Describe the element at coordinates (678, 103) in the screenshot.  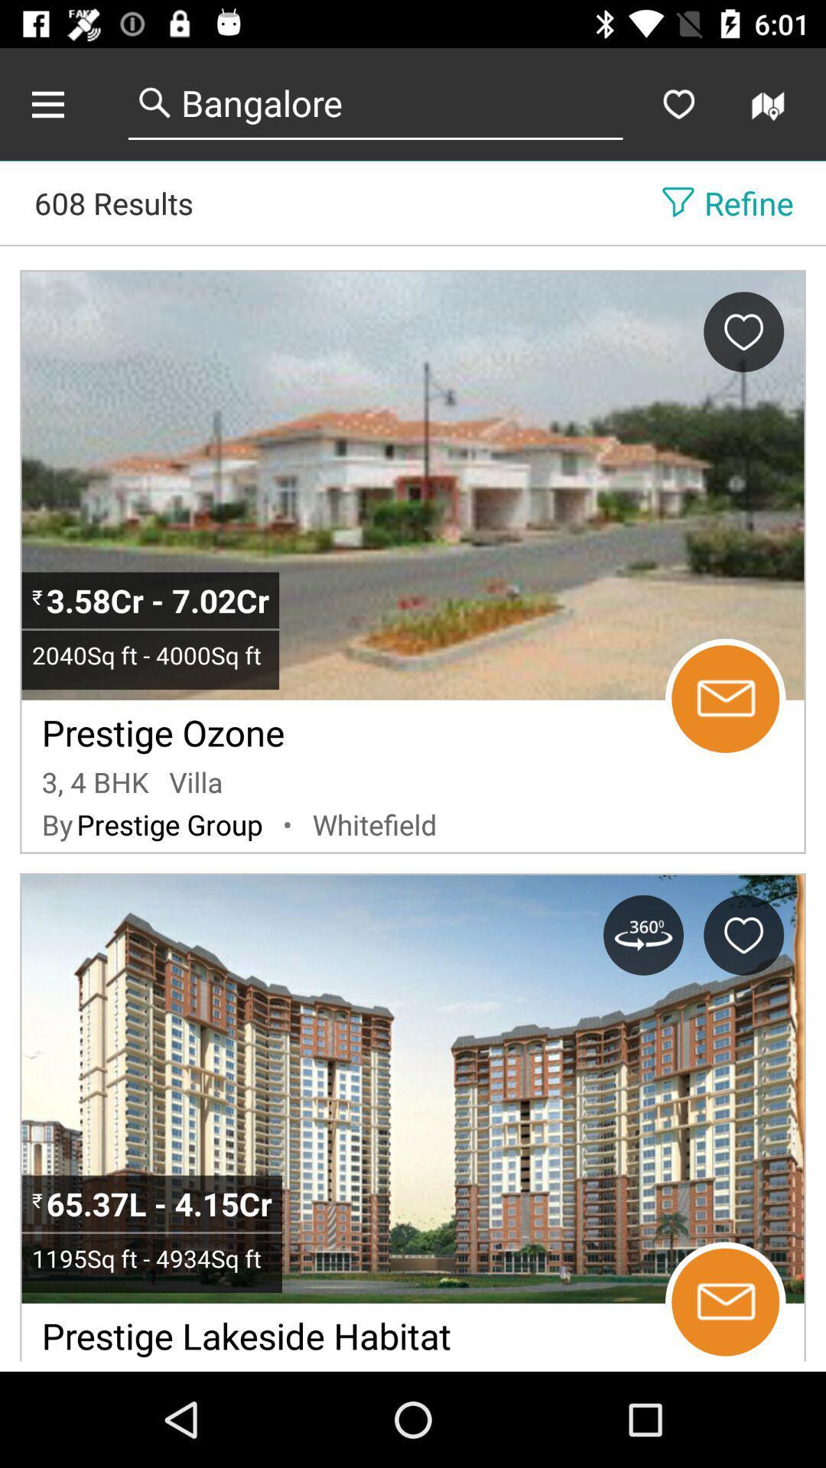
I see `favorites the selected entry` at that location.